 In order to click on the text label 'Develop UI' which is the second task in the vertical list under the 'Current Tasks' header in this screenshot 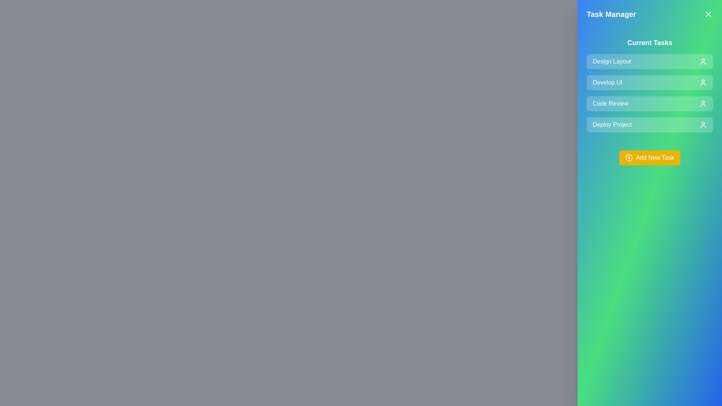, I will do `click(607, 82)`.